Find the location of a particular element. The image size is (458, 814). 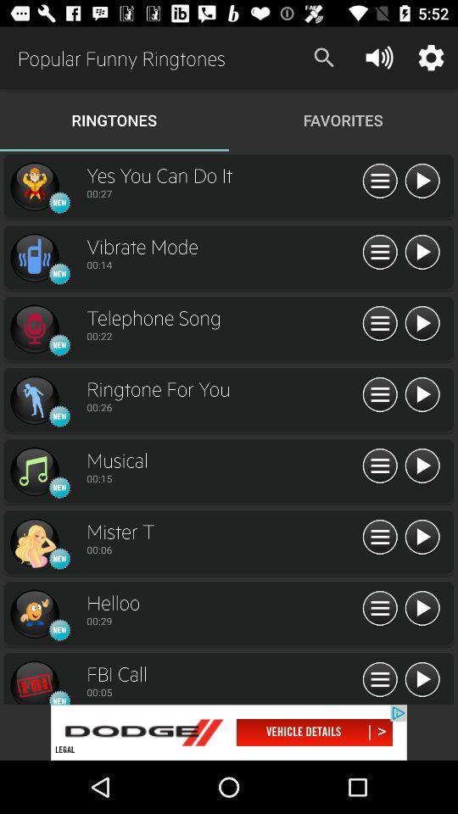

set this as my ringtone is located at coordinates (34, 400).